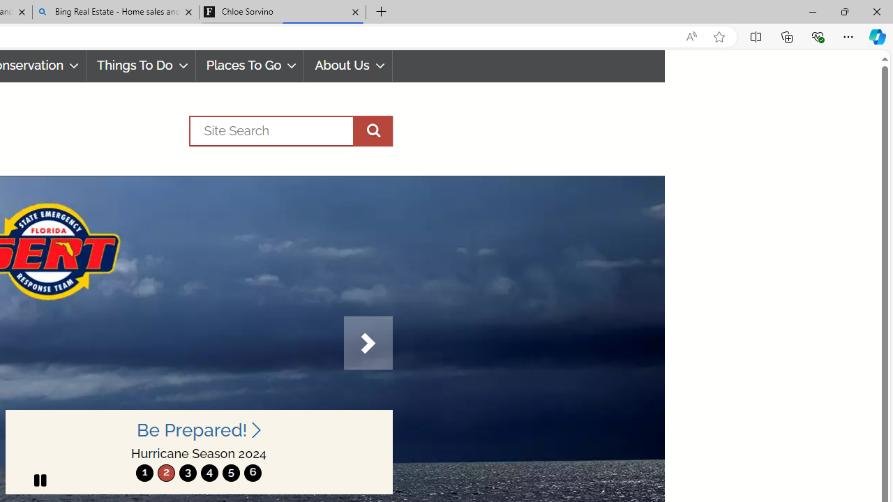 The image size is (893, 502). I want to click on 'Things To Do', so click(141, 66).